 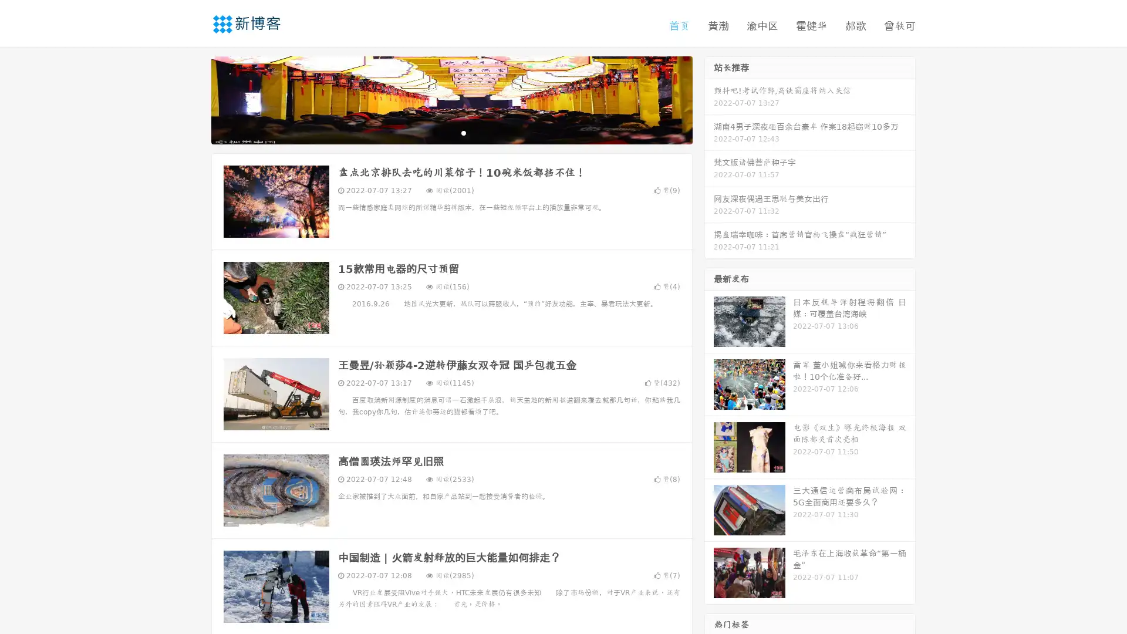 I want to click on Next slide, so click(x=709, y=99).